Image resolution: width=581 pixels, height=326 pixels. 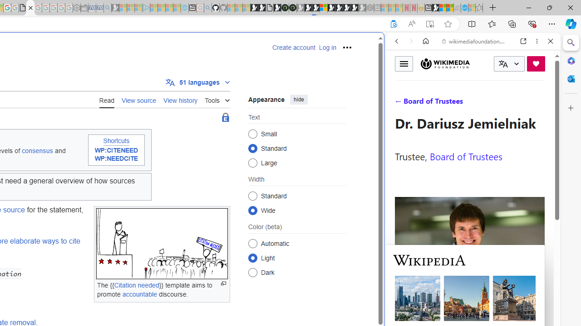 I want to click on 'Create account', so click(x=294, y=48).